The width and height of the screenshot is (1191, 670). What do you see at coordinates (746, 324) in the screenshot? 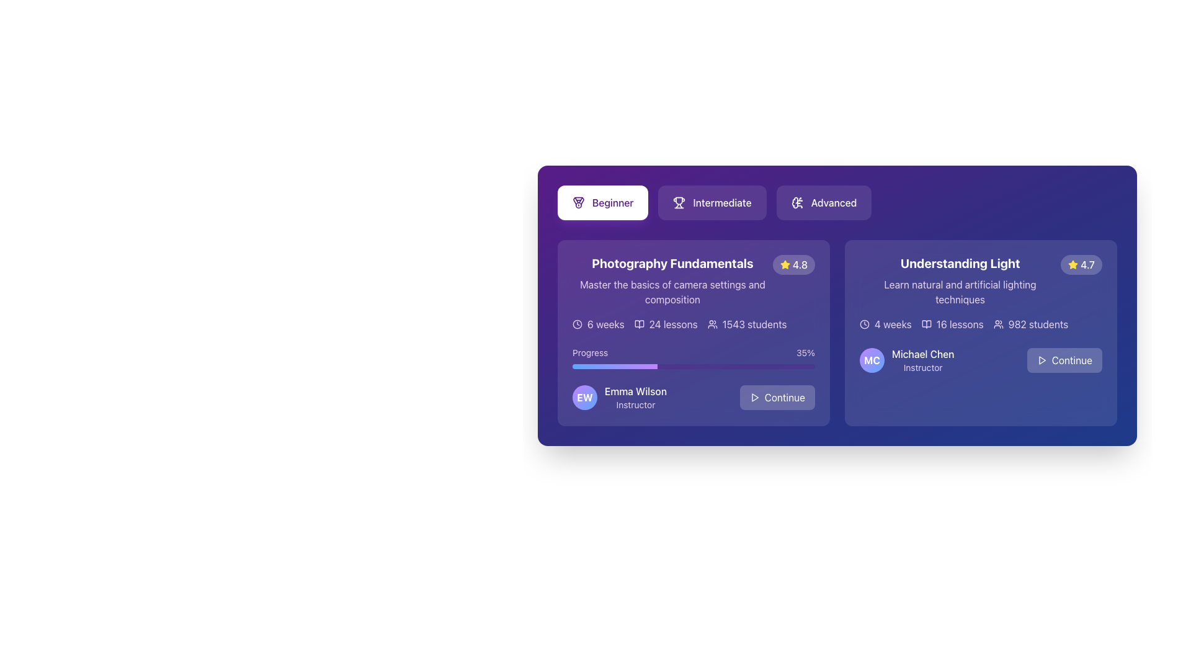
I see `the text with an icon combination in the bottom-left section of the 'Photography Fundamentals' course card, which provides static information about course enrollment` at bounding box center [746, 324].